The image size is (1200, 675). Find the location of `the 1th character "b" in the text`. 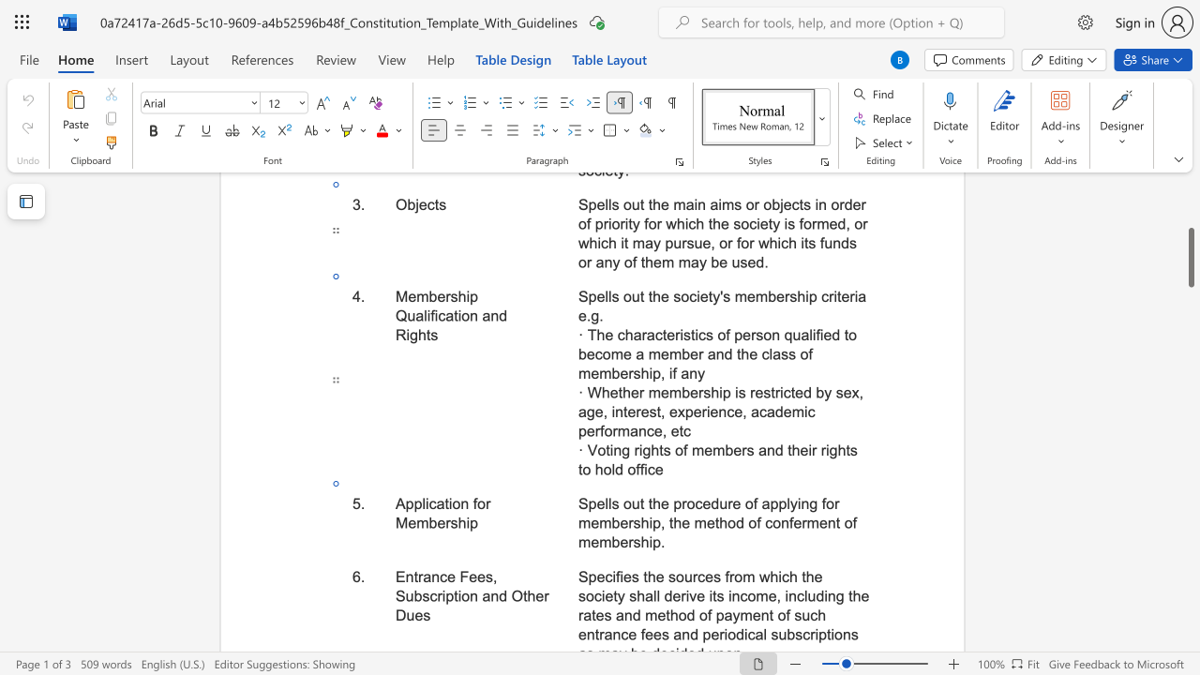

the 1th character "b" in the text is located at coordinates (431, 523).